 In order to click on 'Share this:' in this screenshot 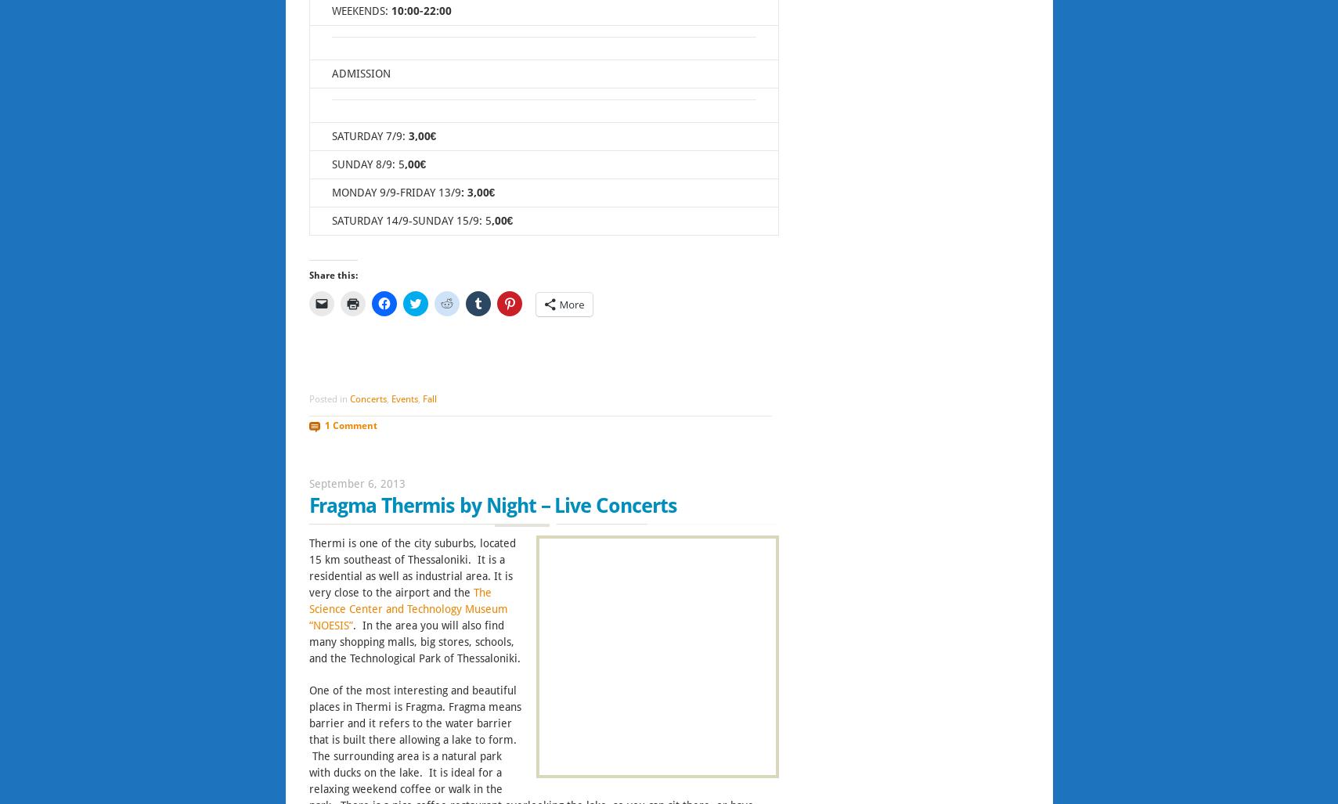, I will do `click(332, 276)`.